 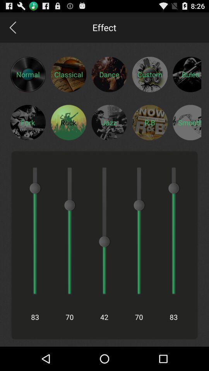 I want to click on custom effect, so click(x=150, y=74).